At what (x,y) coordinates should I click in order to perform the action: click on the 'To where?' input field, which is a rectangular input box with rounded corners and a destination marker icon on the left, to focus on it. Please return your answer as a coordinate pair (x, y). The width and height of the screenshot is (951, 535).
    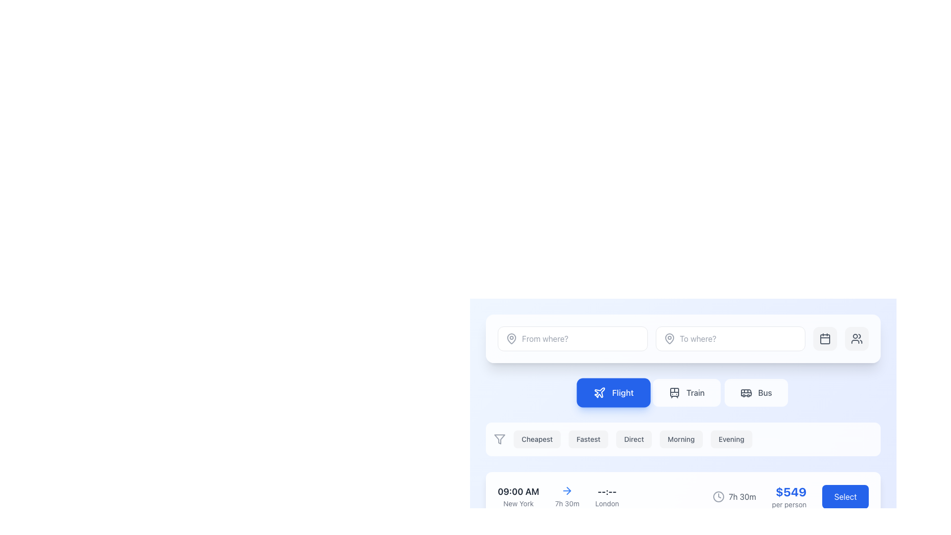
    Looking at the image, I should click on (683, 338).